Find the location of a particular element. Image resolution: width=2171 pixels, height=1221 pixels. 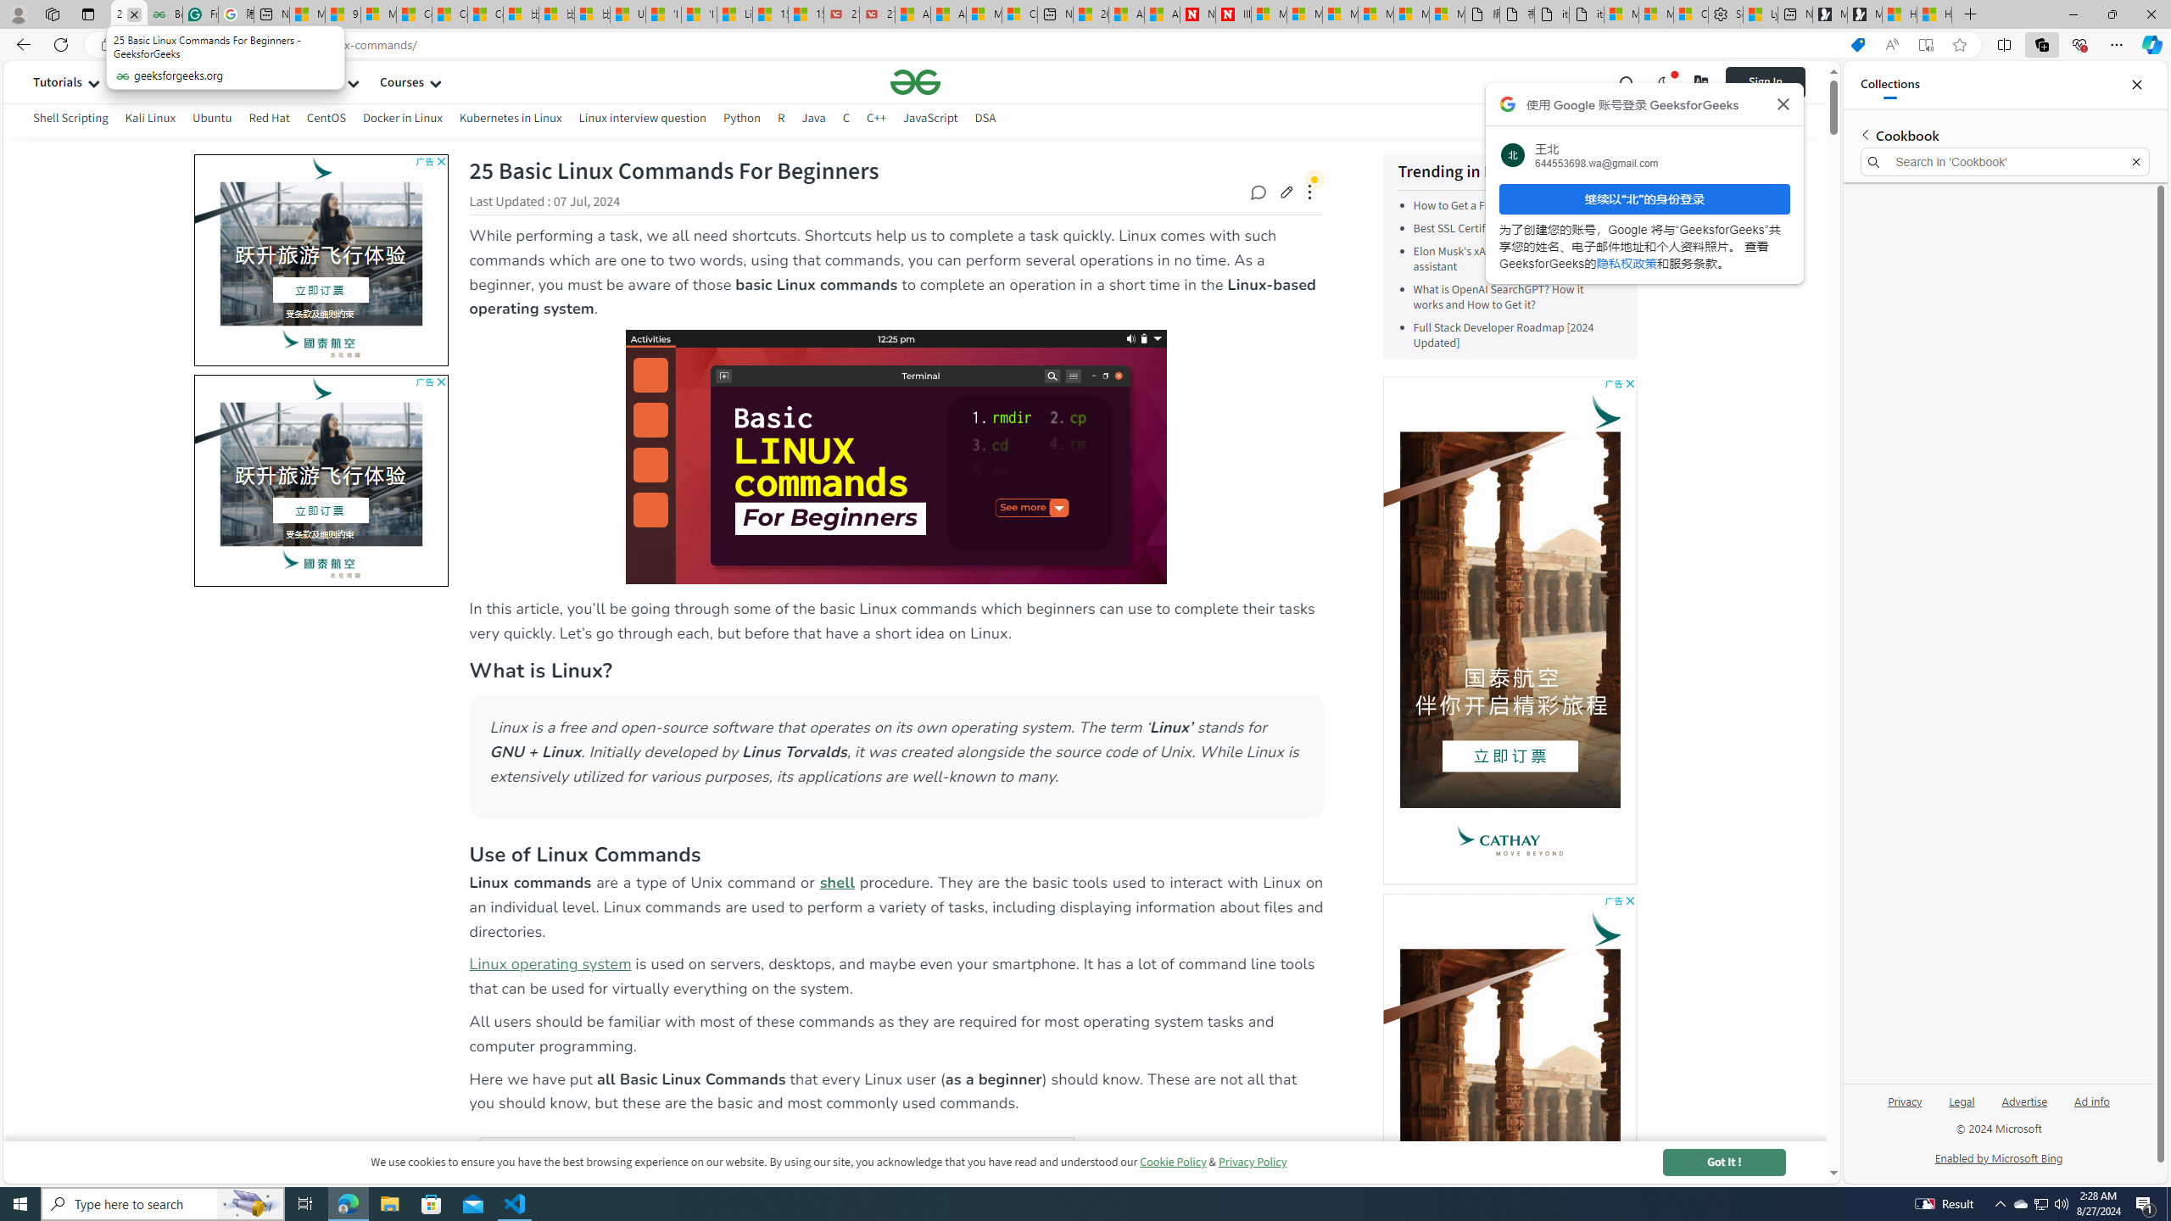

'Courses' is located at coordinates (400, 81).